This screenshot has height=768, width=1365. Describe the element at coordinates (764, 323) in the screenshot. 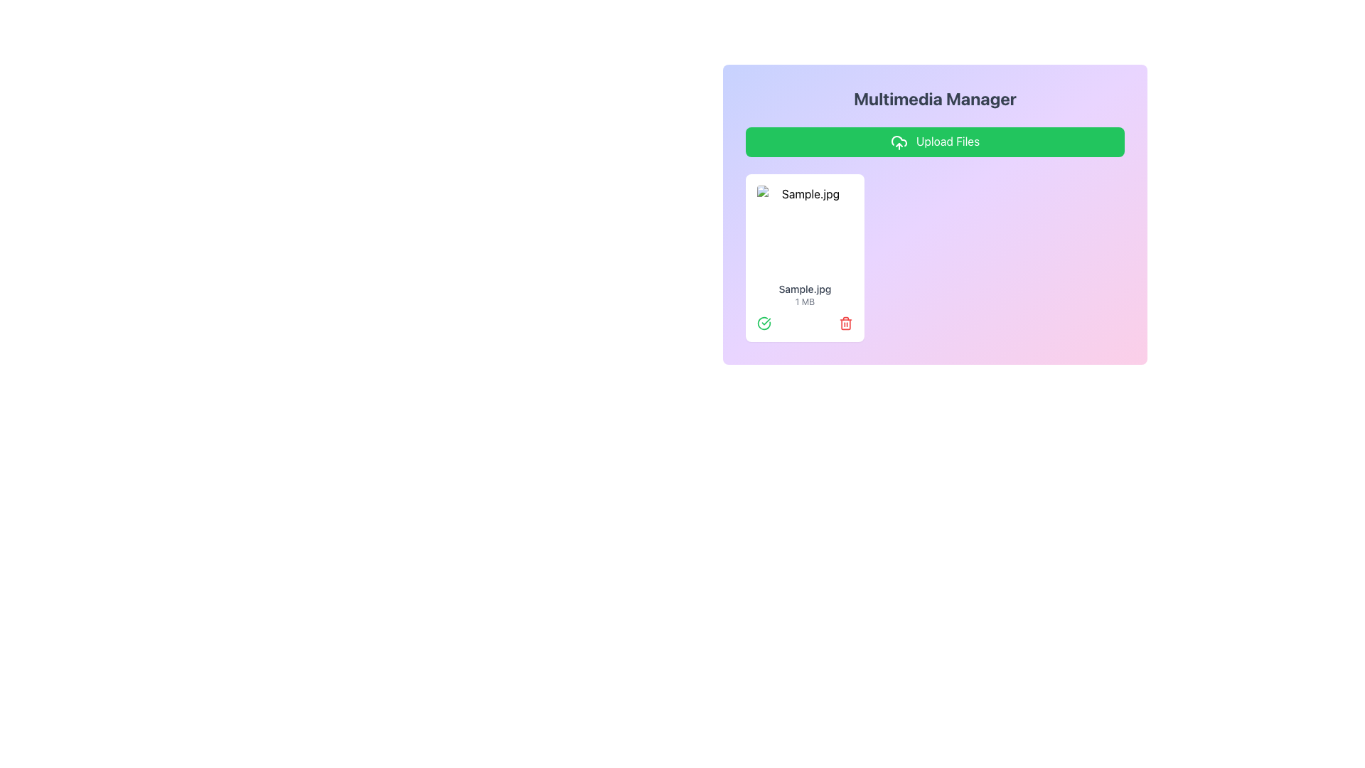

I see `the confirmation icon` at that location.